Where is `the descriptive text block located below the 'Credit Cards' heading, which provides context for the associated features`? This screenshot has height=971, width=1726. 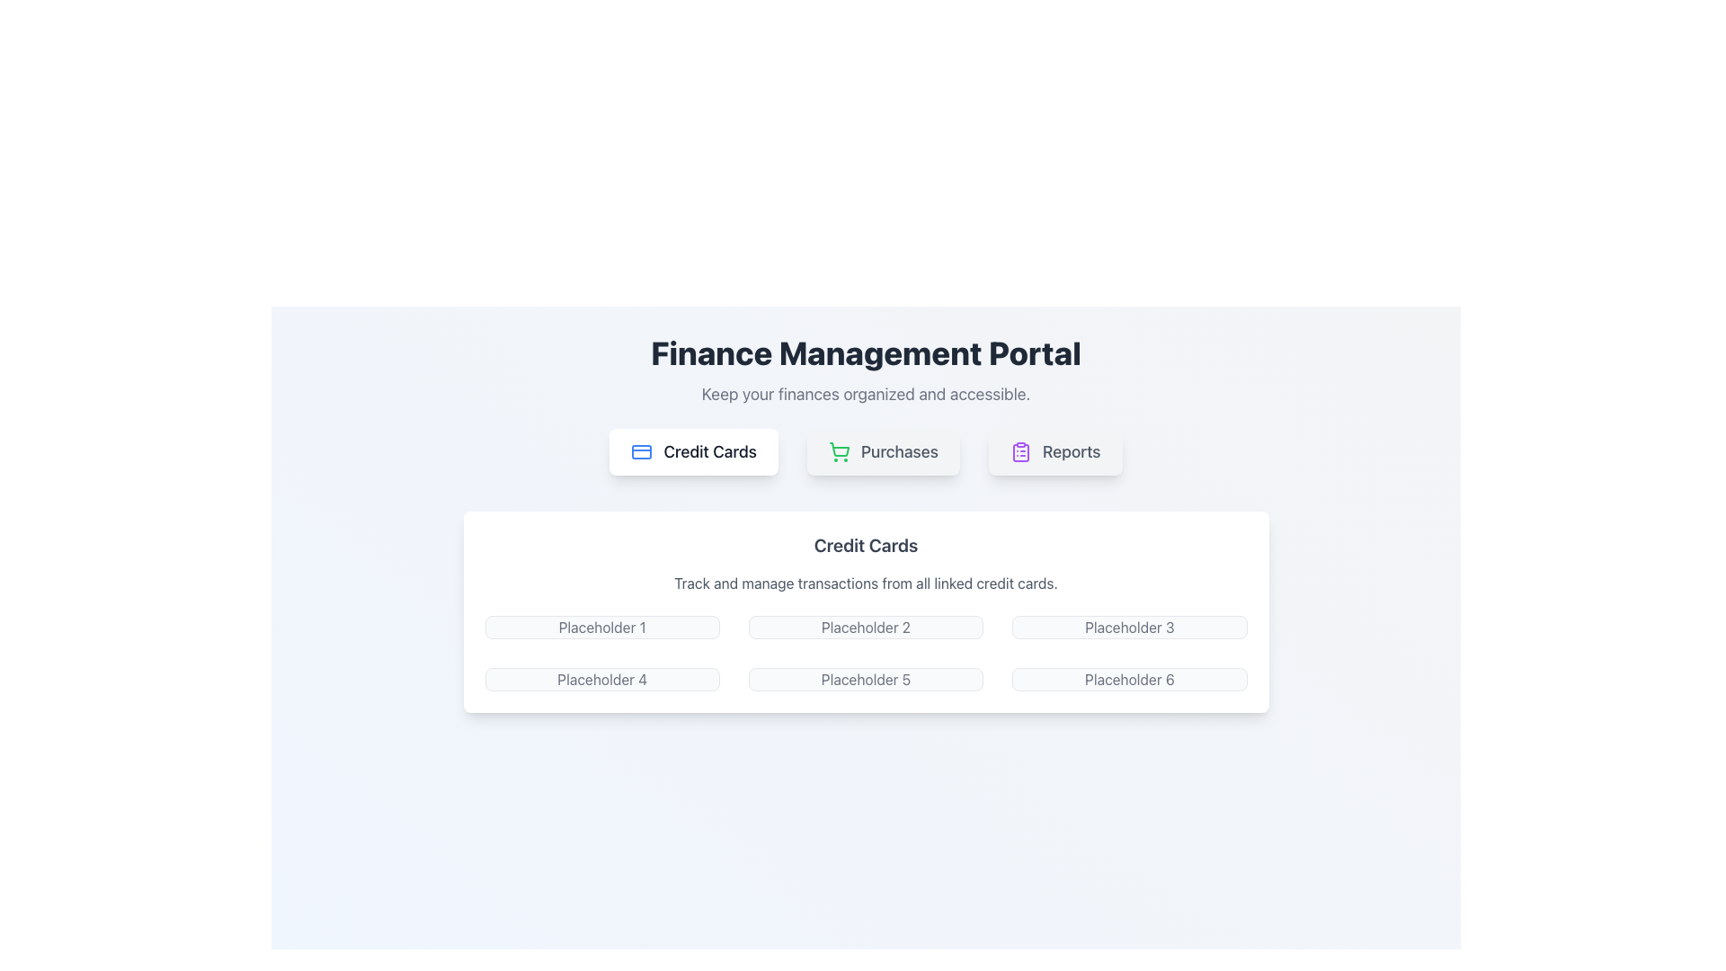 the descriptive text block located below the 'Credit Cards' heading, which provides context for the associated features is located at coordinates (866, 583).